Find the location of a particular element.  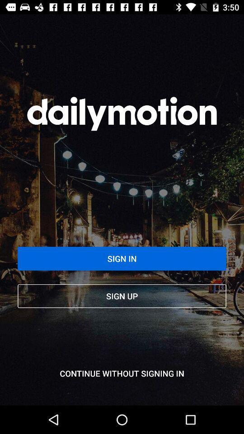

the sign in item is located at coordinates (122, 259).